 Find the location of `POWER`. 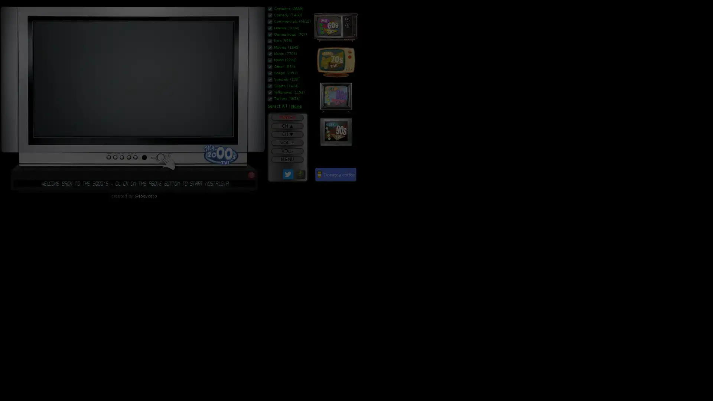

POWER is located at coordinates (287, 117).